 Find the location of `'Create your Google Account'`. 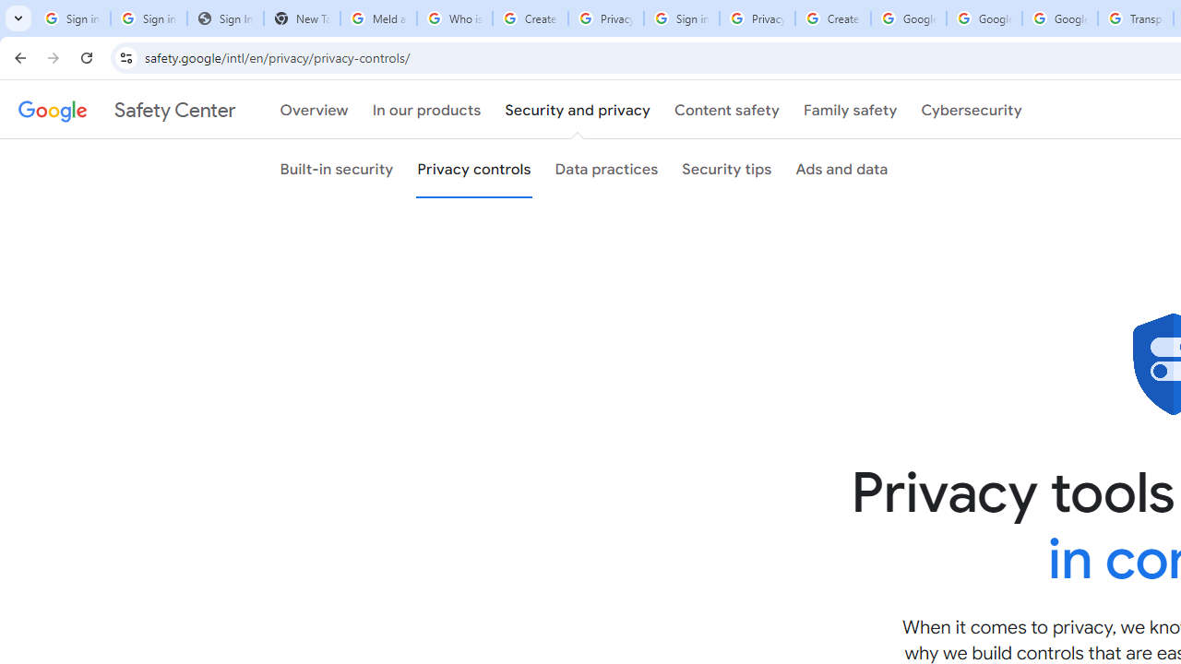

'Create your Google Account' is located at coordinates (529, 18).